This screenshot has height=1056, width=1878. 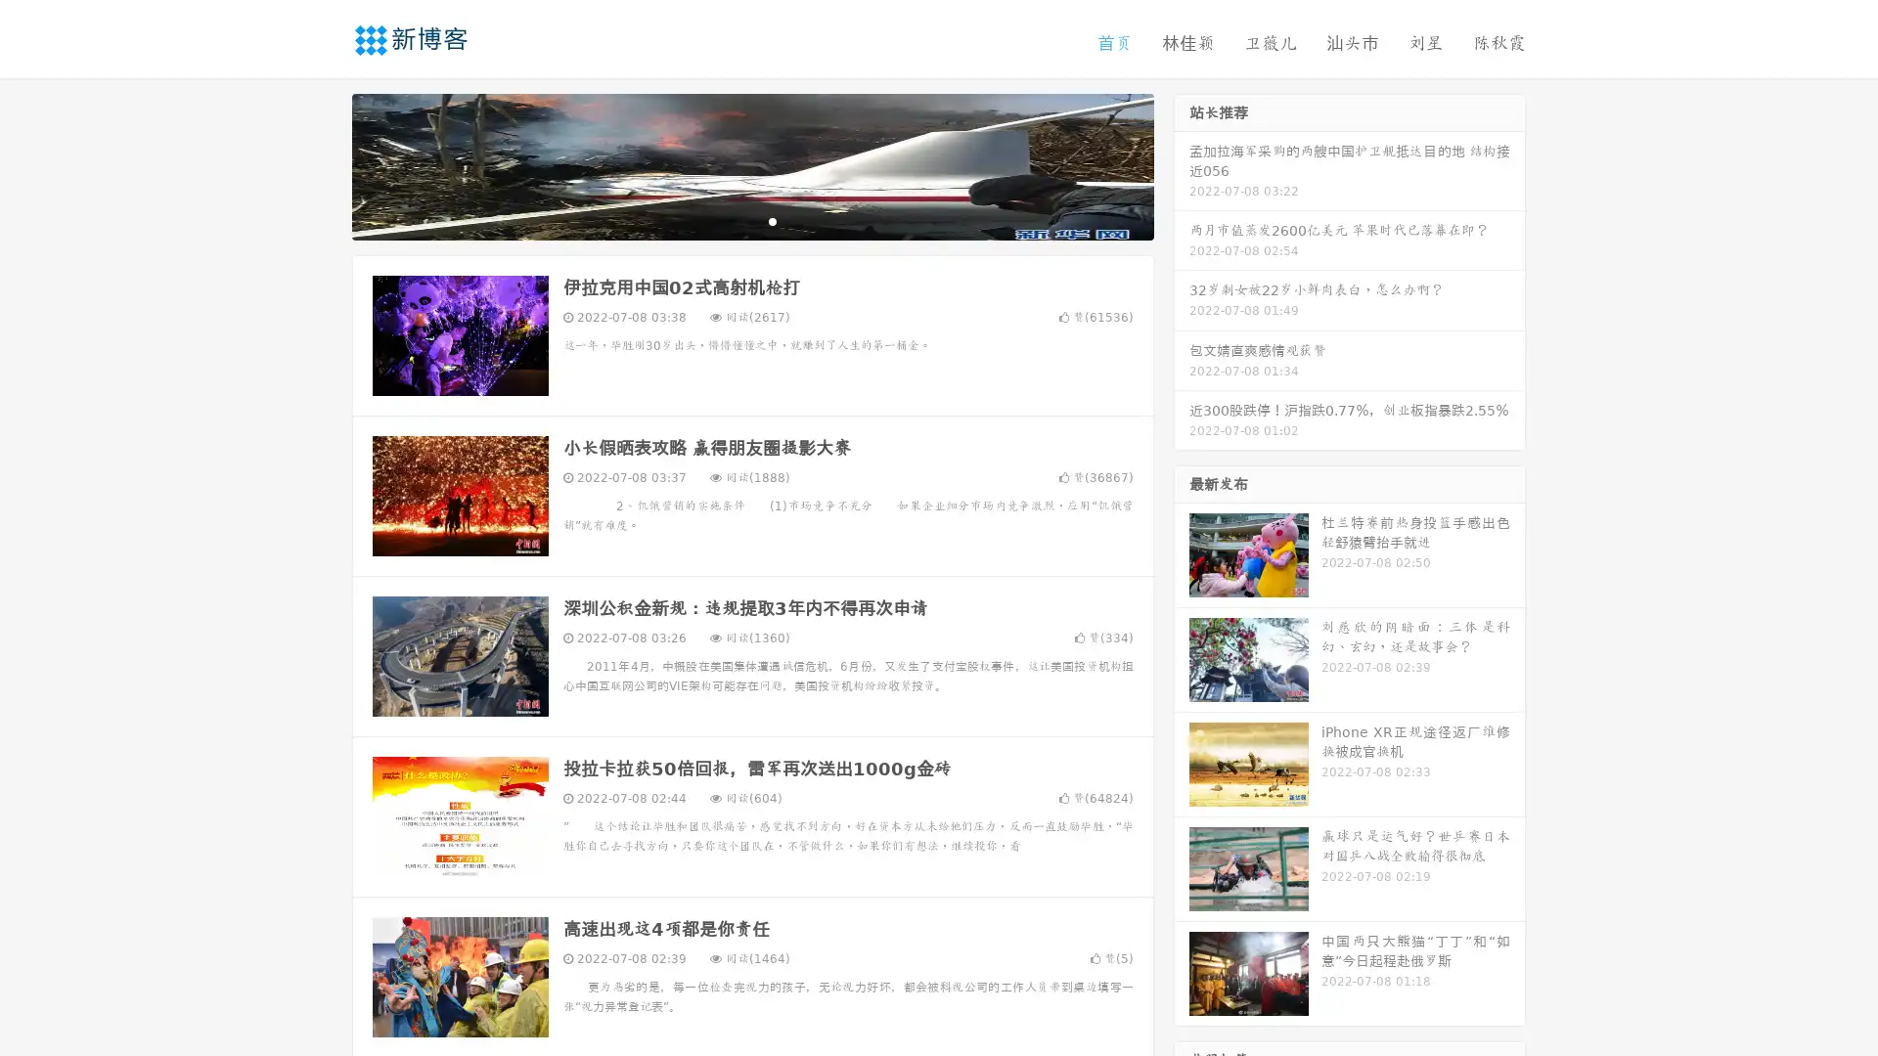 I want to click on Next slide, so click(x=1182, y=164).